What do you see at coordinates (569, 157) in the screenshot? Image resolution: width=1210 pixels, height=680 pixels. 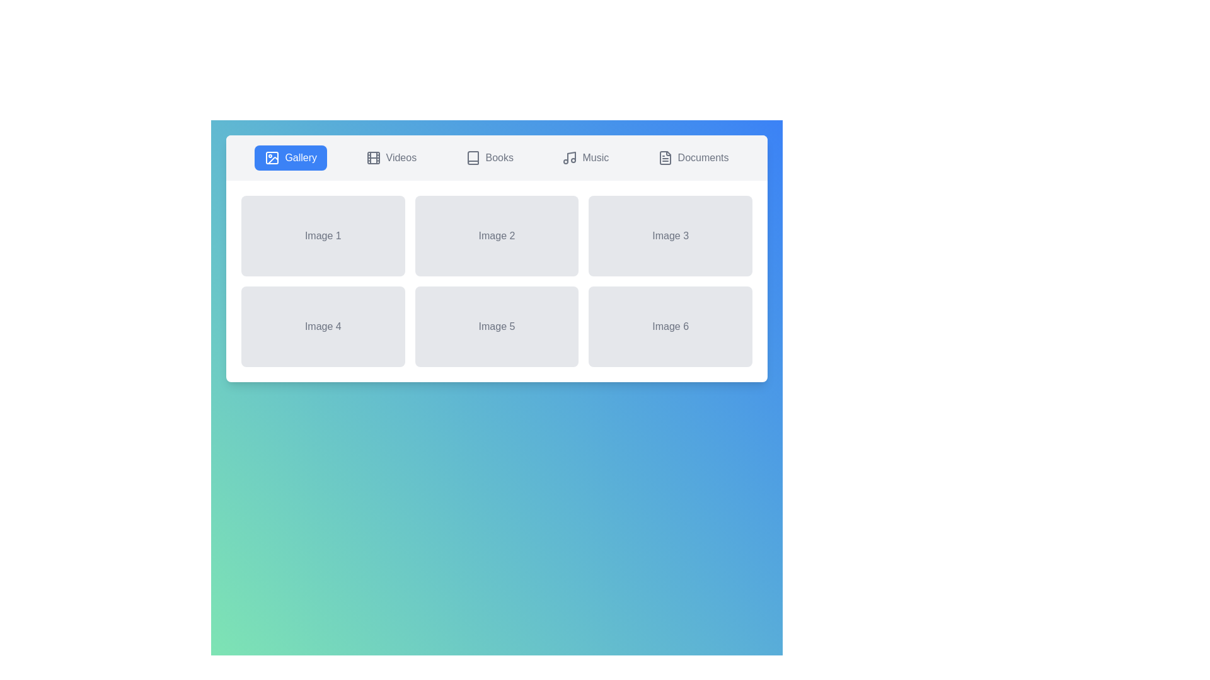 I see `the 'Music' icon located at the top of the interface, which visually represents the 'Music' navigation option` at bounding box center [569, 157].